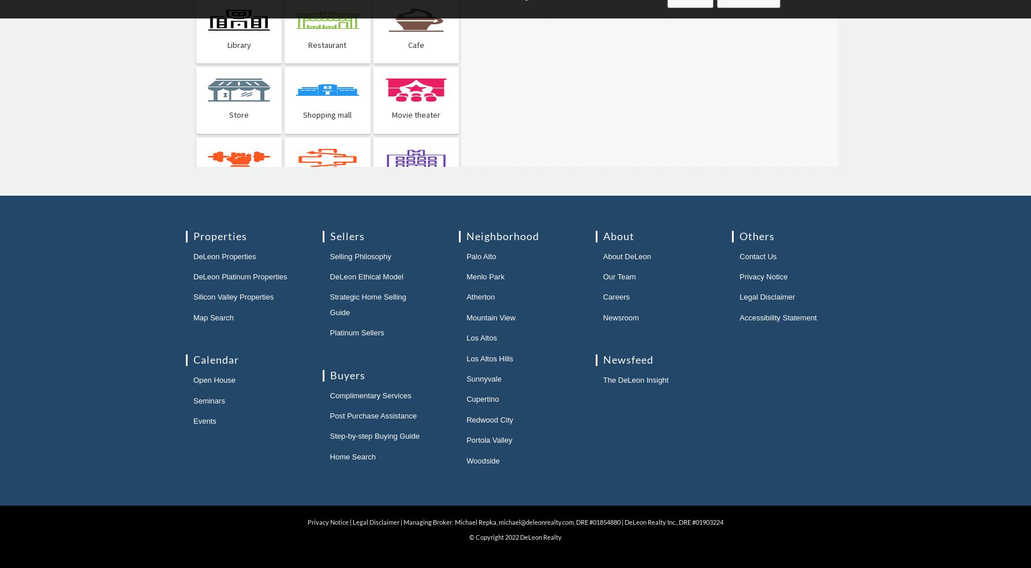  What do you see at coordinates (489, 358) in the screenshot?
I see `'Los Altos Hills'` at bounding box center [489, 358].